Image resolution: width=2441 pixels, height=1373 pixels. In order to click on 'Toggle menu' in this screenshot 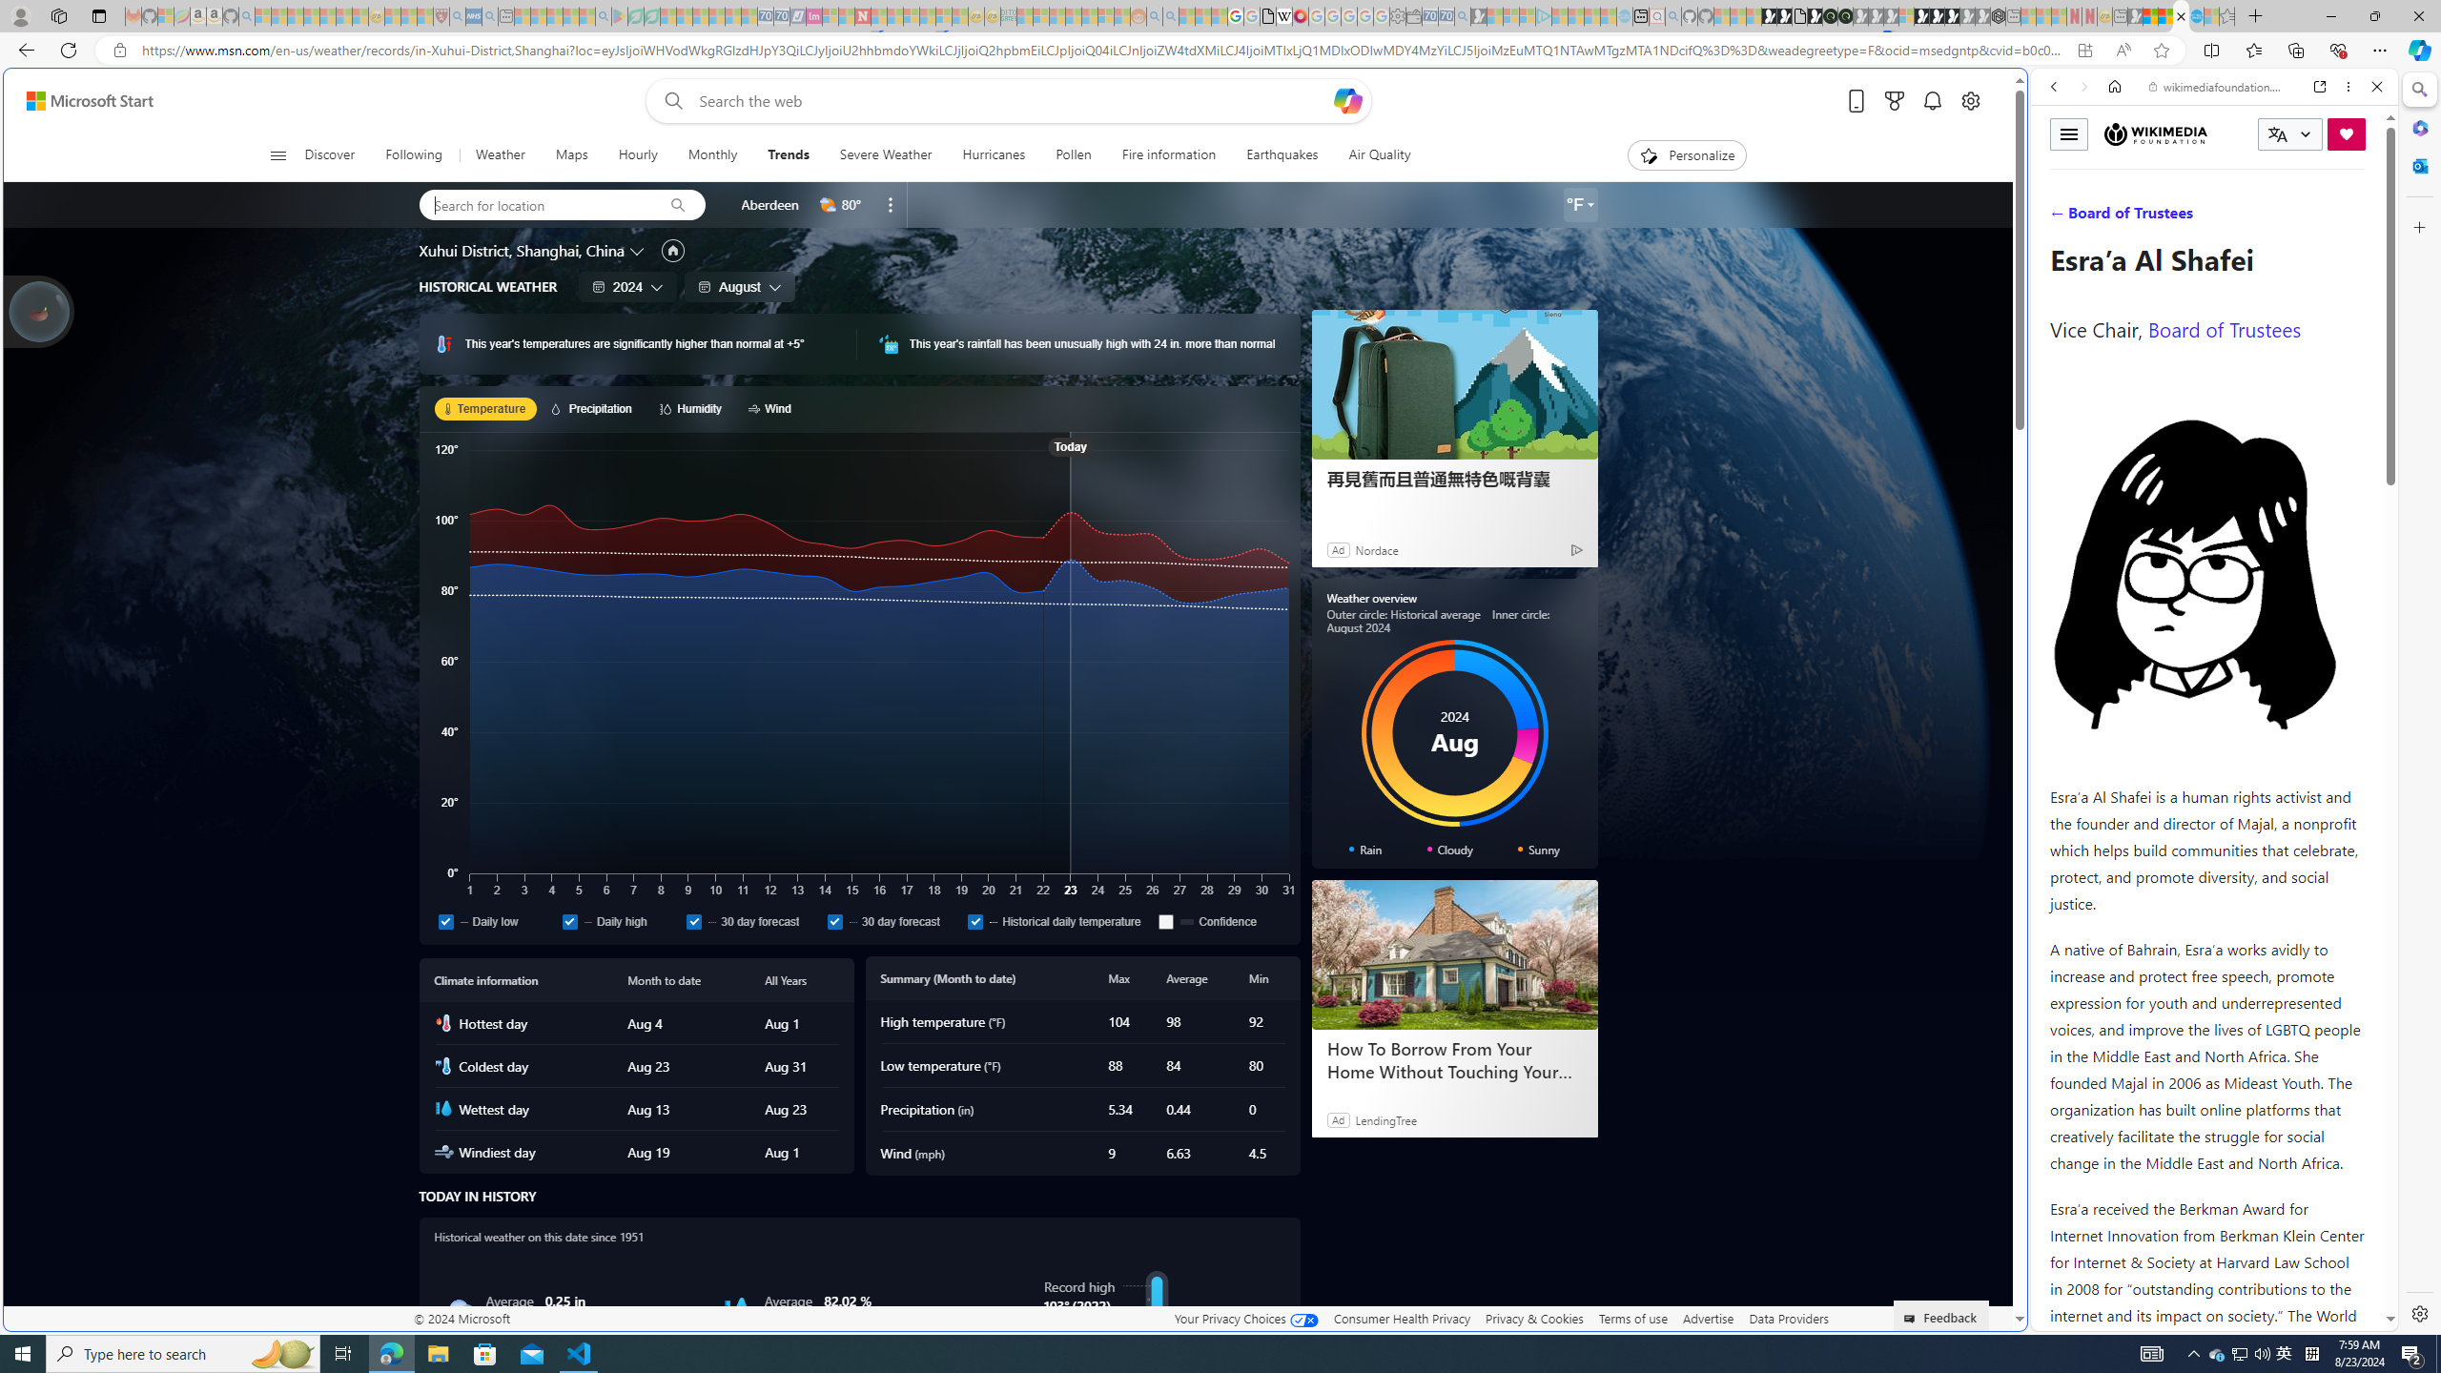, I will do `click(2067, 134)`.